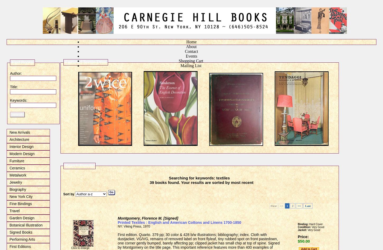 This screenshot has height=250, width=383. What do you see at coordinates (302, 230) in the screenshot?
I see `'Jacket:'` at bounding box center [302, 230].